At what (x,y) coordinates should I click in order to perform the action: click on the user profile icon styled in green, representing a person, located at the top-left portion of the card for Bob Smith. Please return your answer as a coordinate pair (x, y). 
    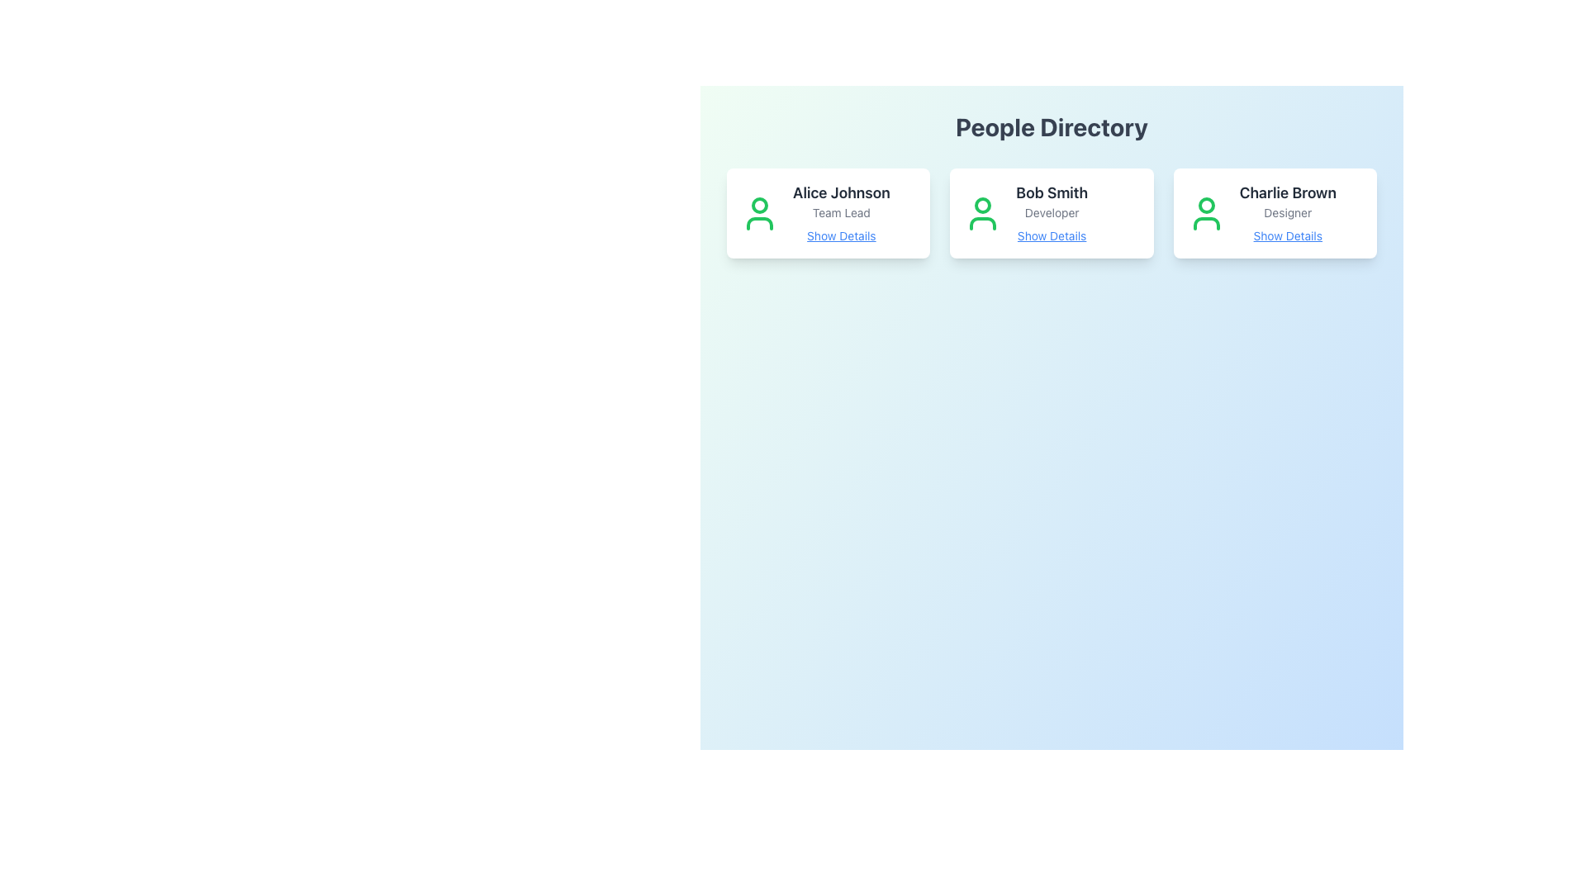
    Looking at the image, I should click on (983, 212).